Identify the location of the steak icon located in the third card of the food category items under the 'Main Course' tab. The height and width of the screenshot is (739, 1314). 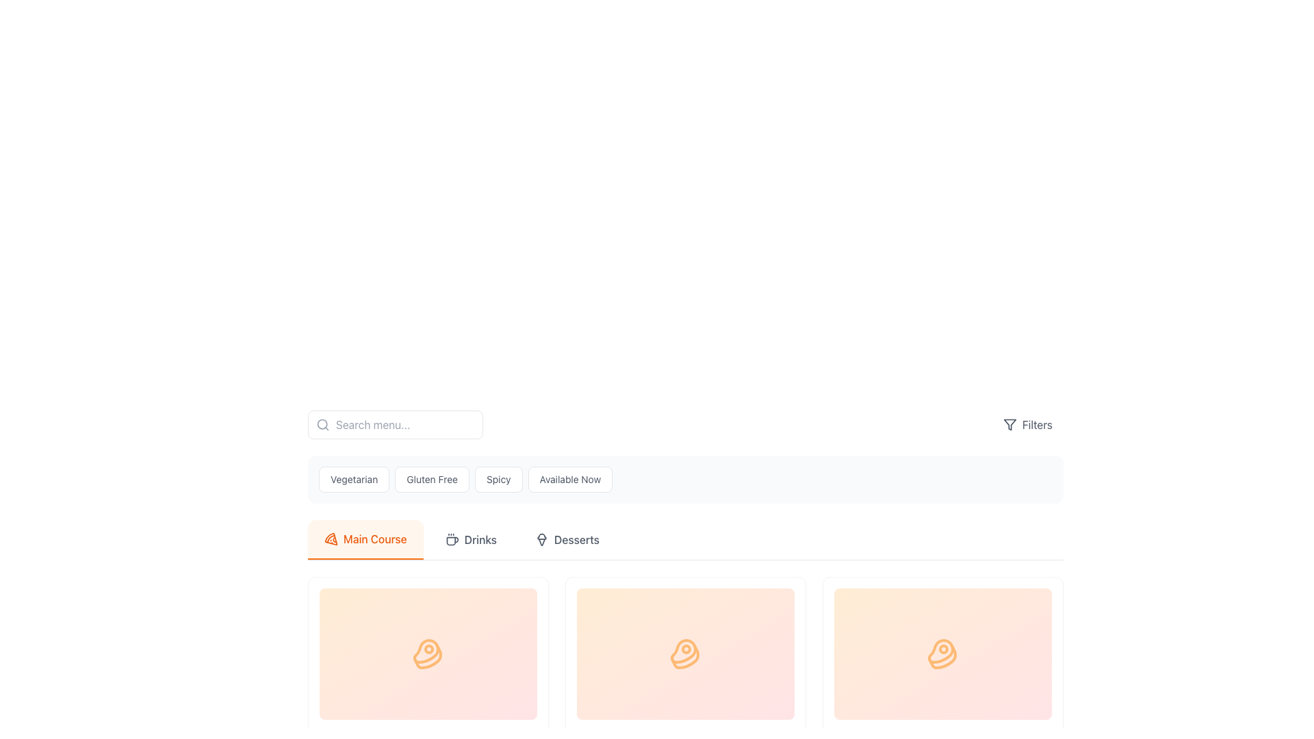
(942, 653).